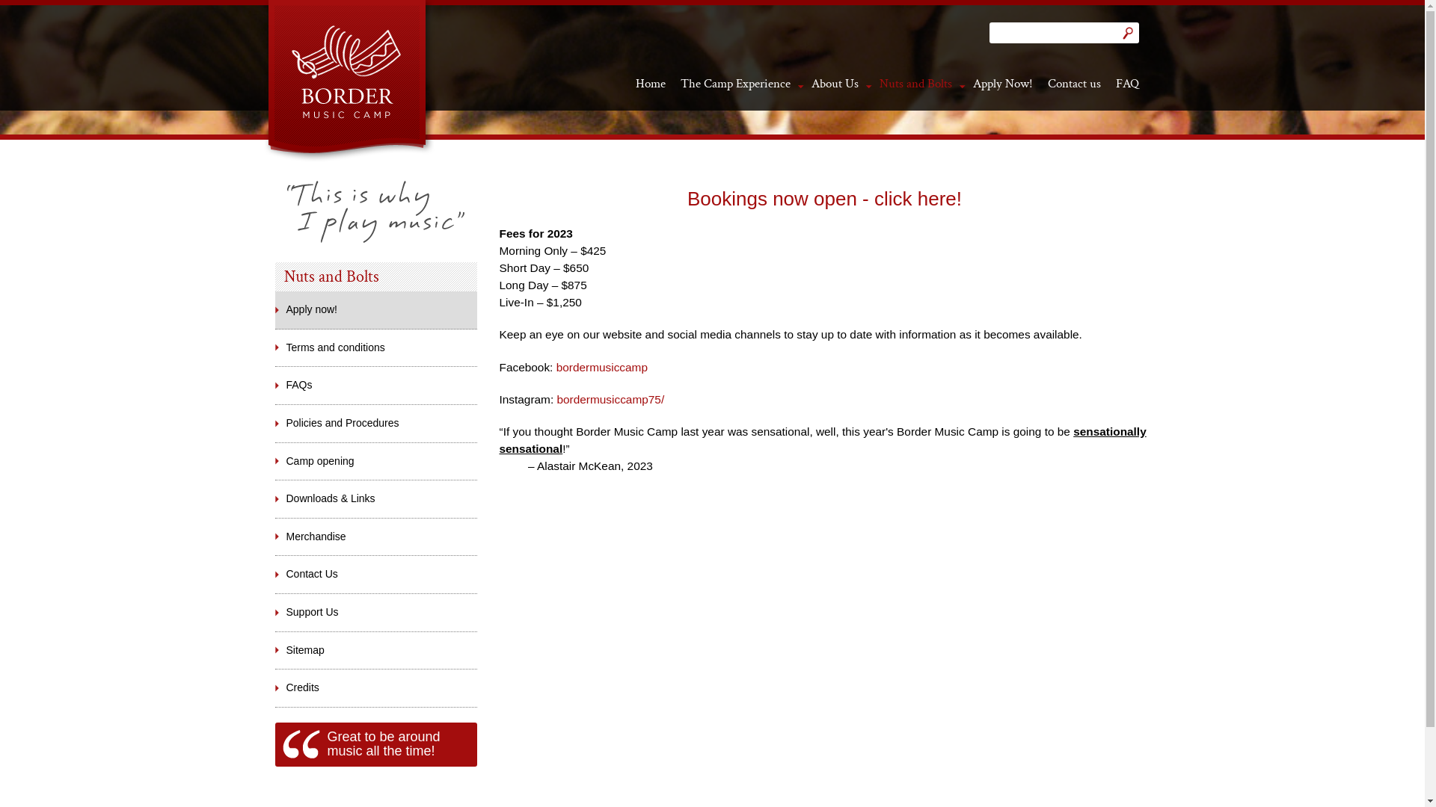 This screenshot has width=1436, height=807. I want to click on 'Contact us', so click(1073, 83).